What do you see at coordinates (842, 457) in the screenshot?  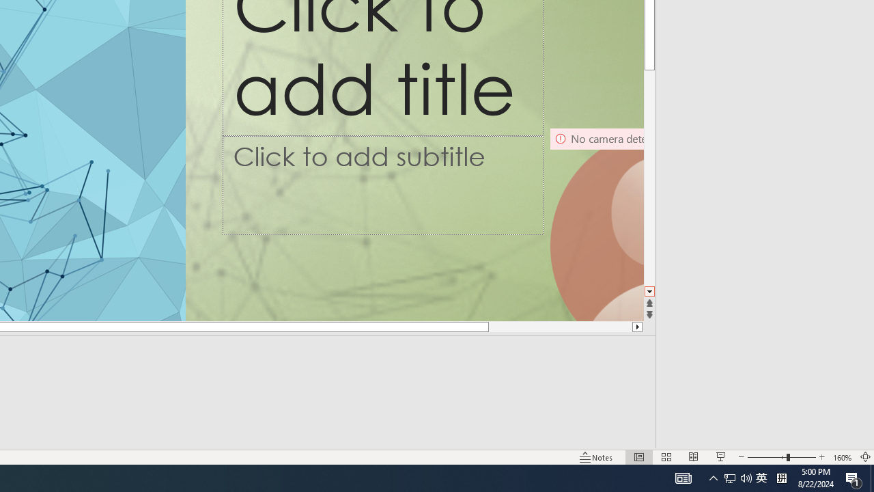 I see `'Zoom 160%'` at bounding box center [842, 457].